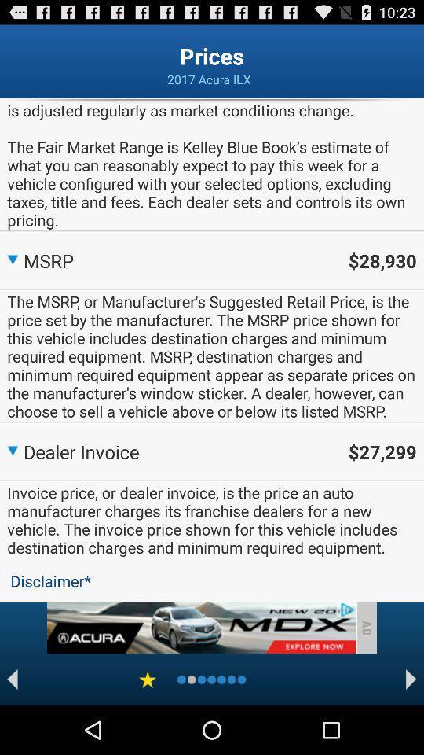 The image size is (424, 755). What do you see at coordinates (201, 628) in the screenshot?
I see `advertisement` at bounding box center [201, 628].